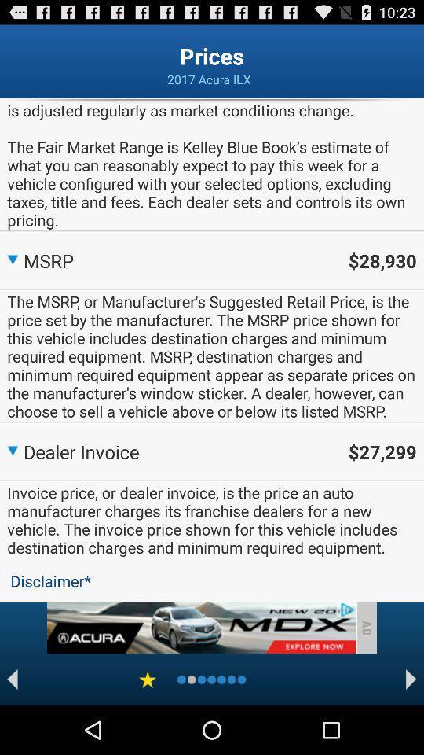 The image size is (424, 755). What do you see at coordinates (201, 628) in the screenshot?
I see `advertisement` at bounding box center [201, 628].